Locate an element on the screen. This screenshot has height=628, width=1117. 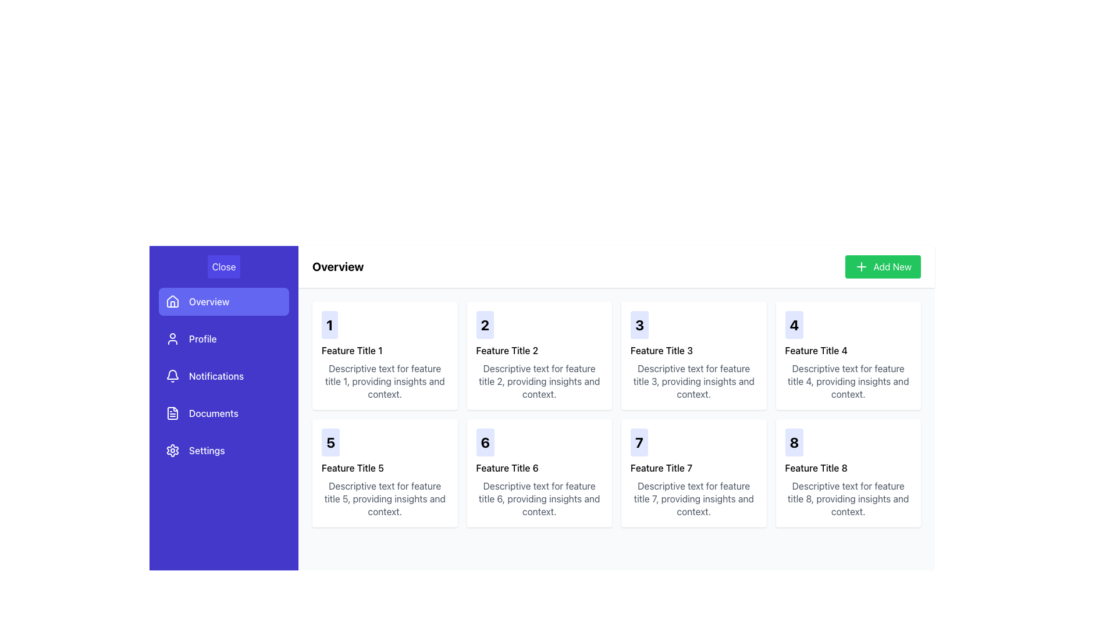
the 'Overview' label, which is part of a button with a blue background located is located at coordinates (209, 301).